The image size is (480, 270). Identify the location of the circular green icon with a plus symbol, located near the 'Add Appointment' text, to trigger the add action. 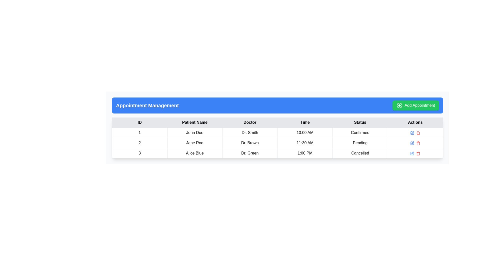
(399, 105).